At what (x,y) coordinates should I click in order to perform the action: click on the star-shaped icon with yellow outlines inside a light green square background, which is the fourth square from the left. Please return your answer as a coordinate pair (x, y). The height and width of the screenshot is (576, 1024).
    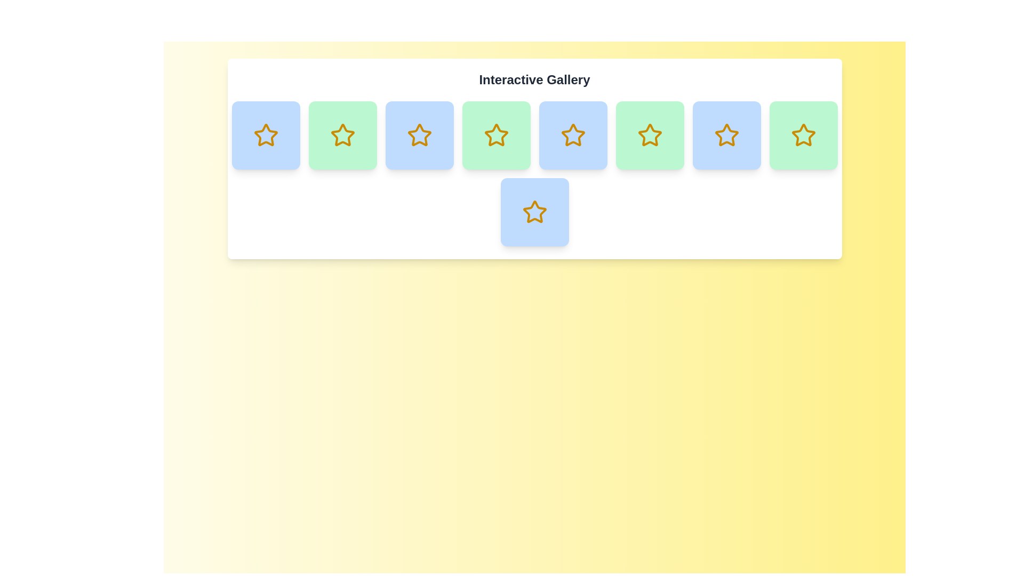
    Looking at the image, I should click on (649, 135).